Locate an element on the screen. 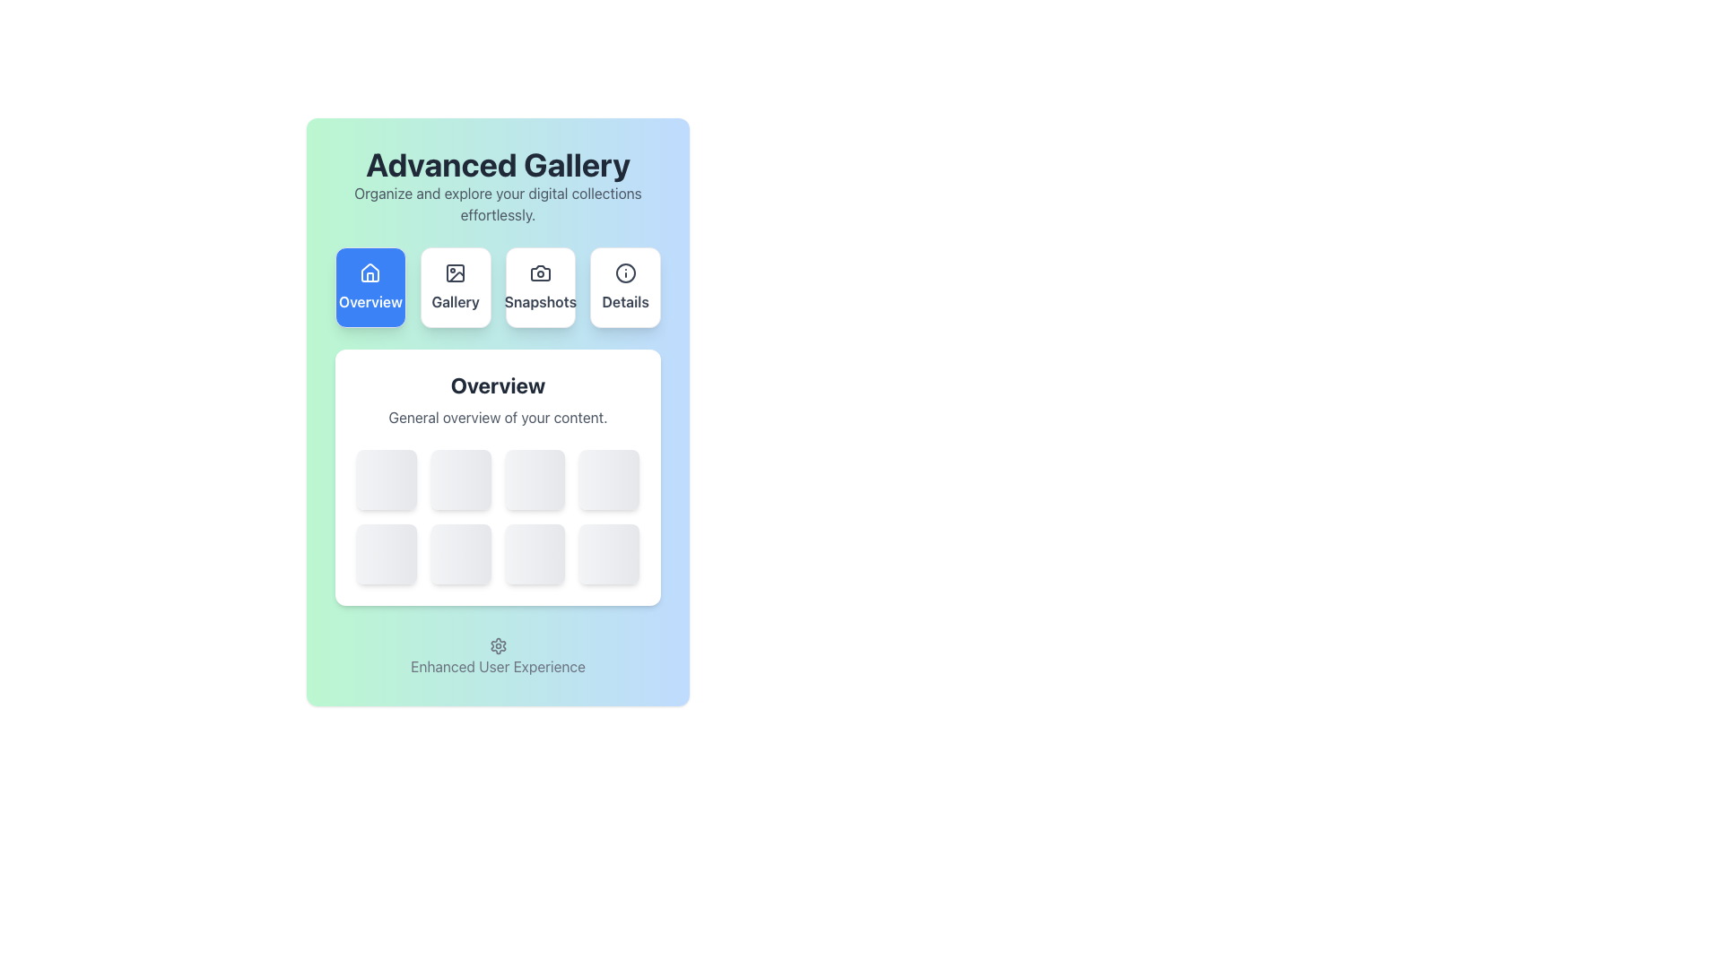 This screenshot has width=1722, height=968. the 'Gallery' button, which features a stylized image frame icon and is is located at coordinates (456, 286).